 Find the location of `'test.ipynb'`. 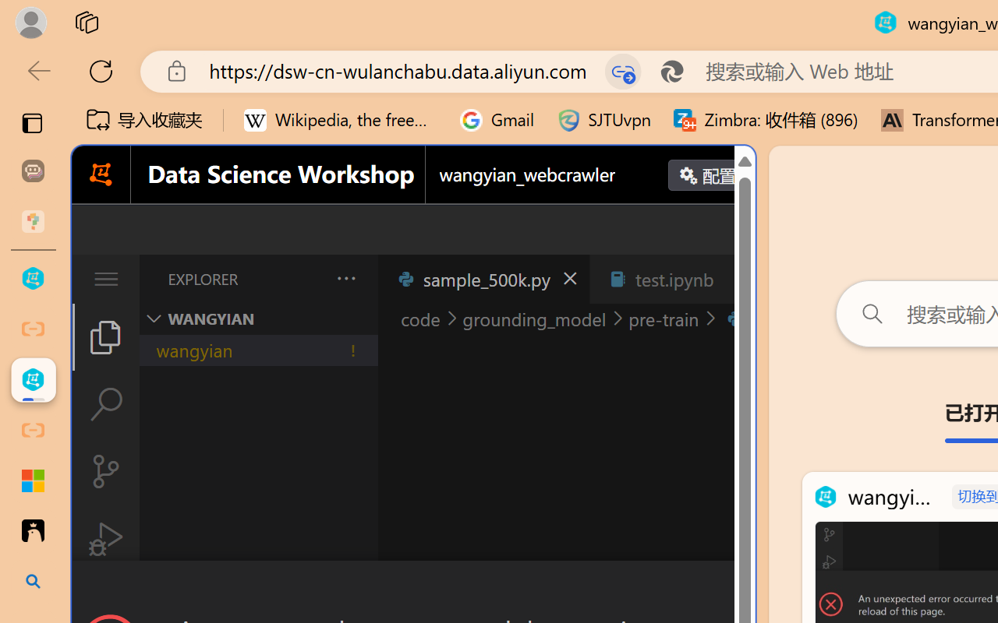

'test.ipynb' is located at coordinates (674, 279).